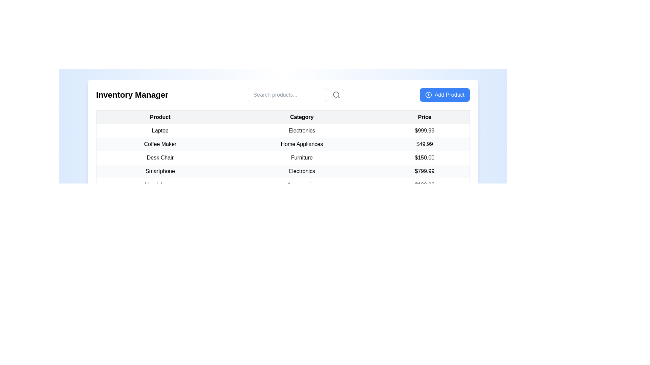  Describe the element at coordinates (160, 117) in the screenshot. I see `the 'Product Name' header to sort the column in the table` at that location.